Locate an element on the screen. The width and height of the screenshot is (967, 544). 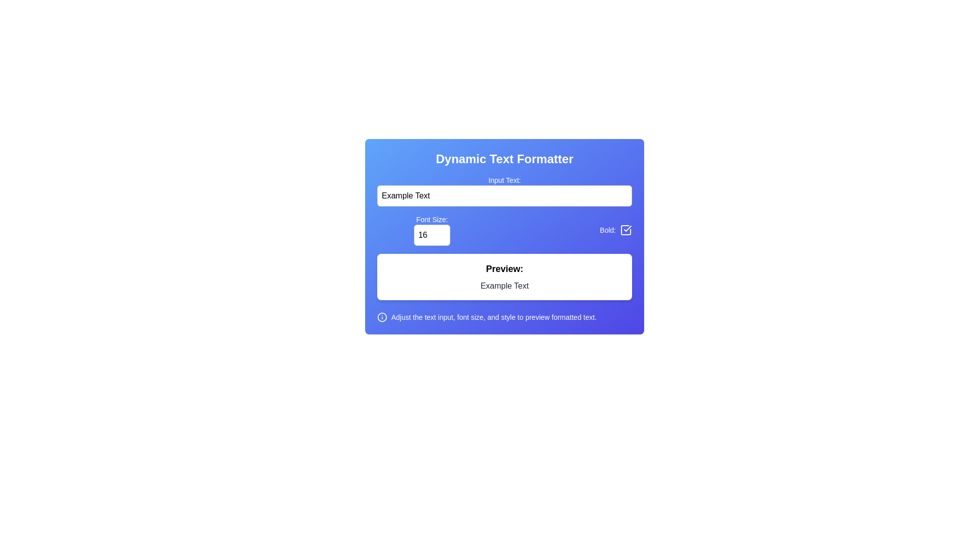
the 'Dynamic Text Formatter' header label, which is centrally located at the top of its section above the 'Input Text' field and 'Font Size' selector is located at coordinates (505, 159).